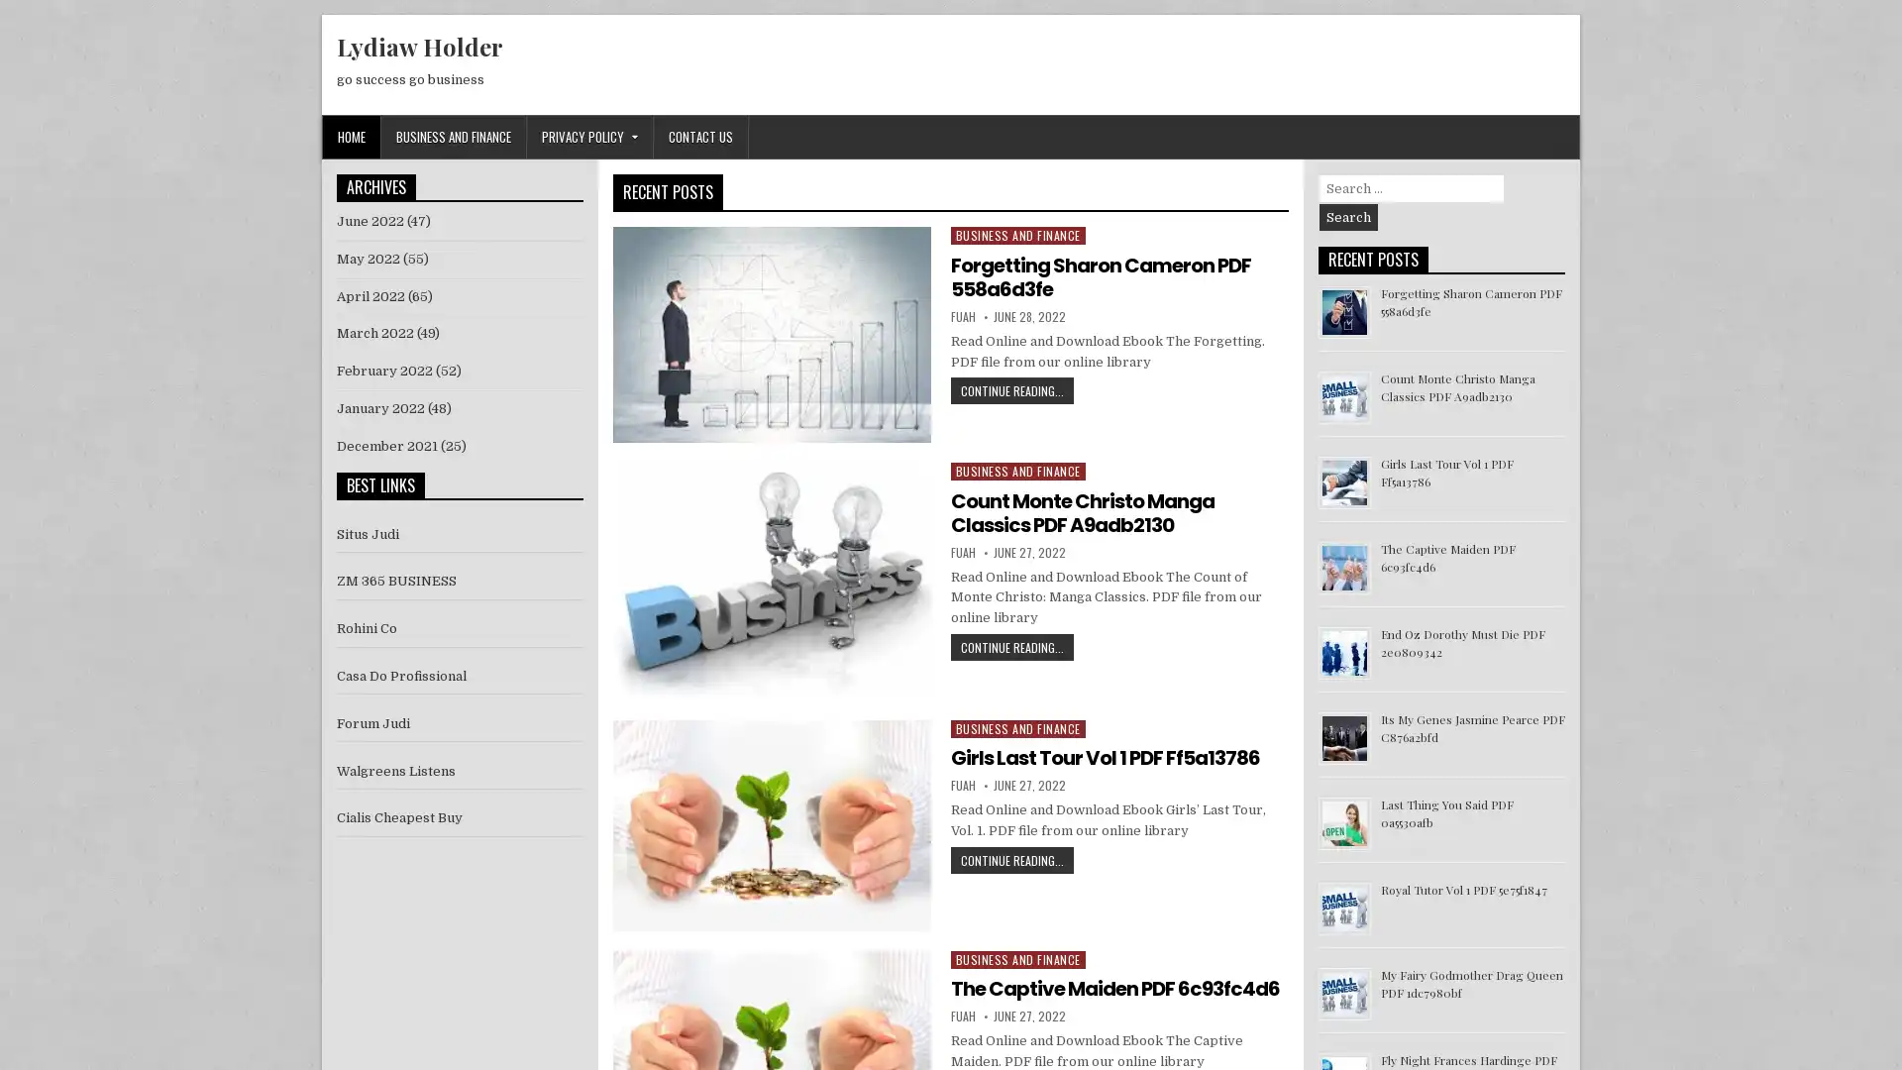  Describe the element at coordinates (1347, 217) in the screenshot. I see `Search` at that location.